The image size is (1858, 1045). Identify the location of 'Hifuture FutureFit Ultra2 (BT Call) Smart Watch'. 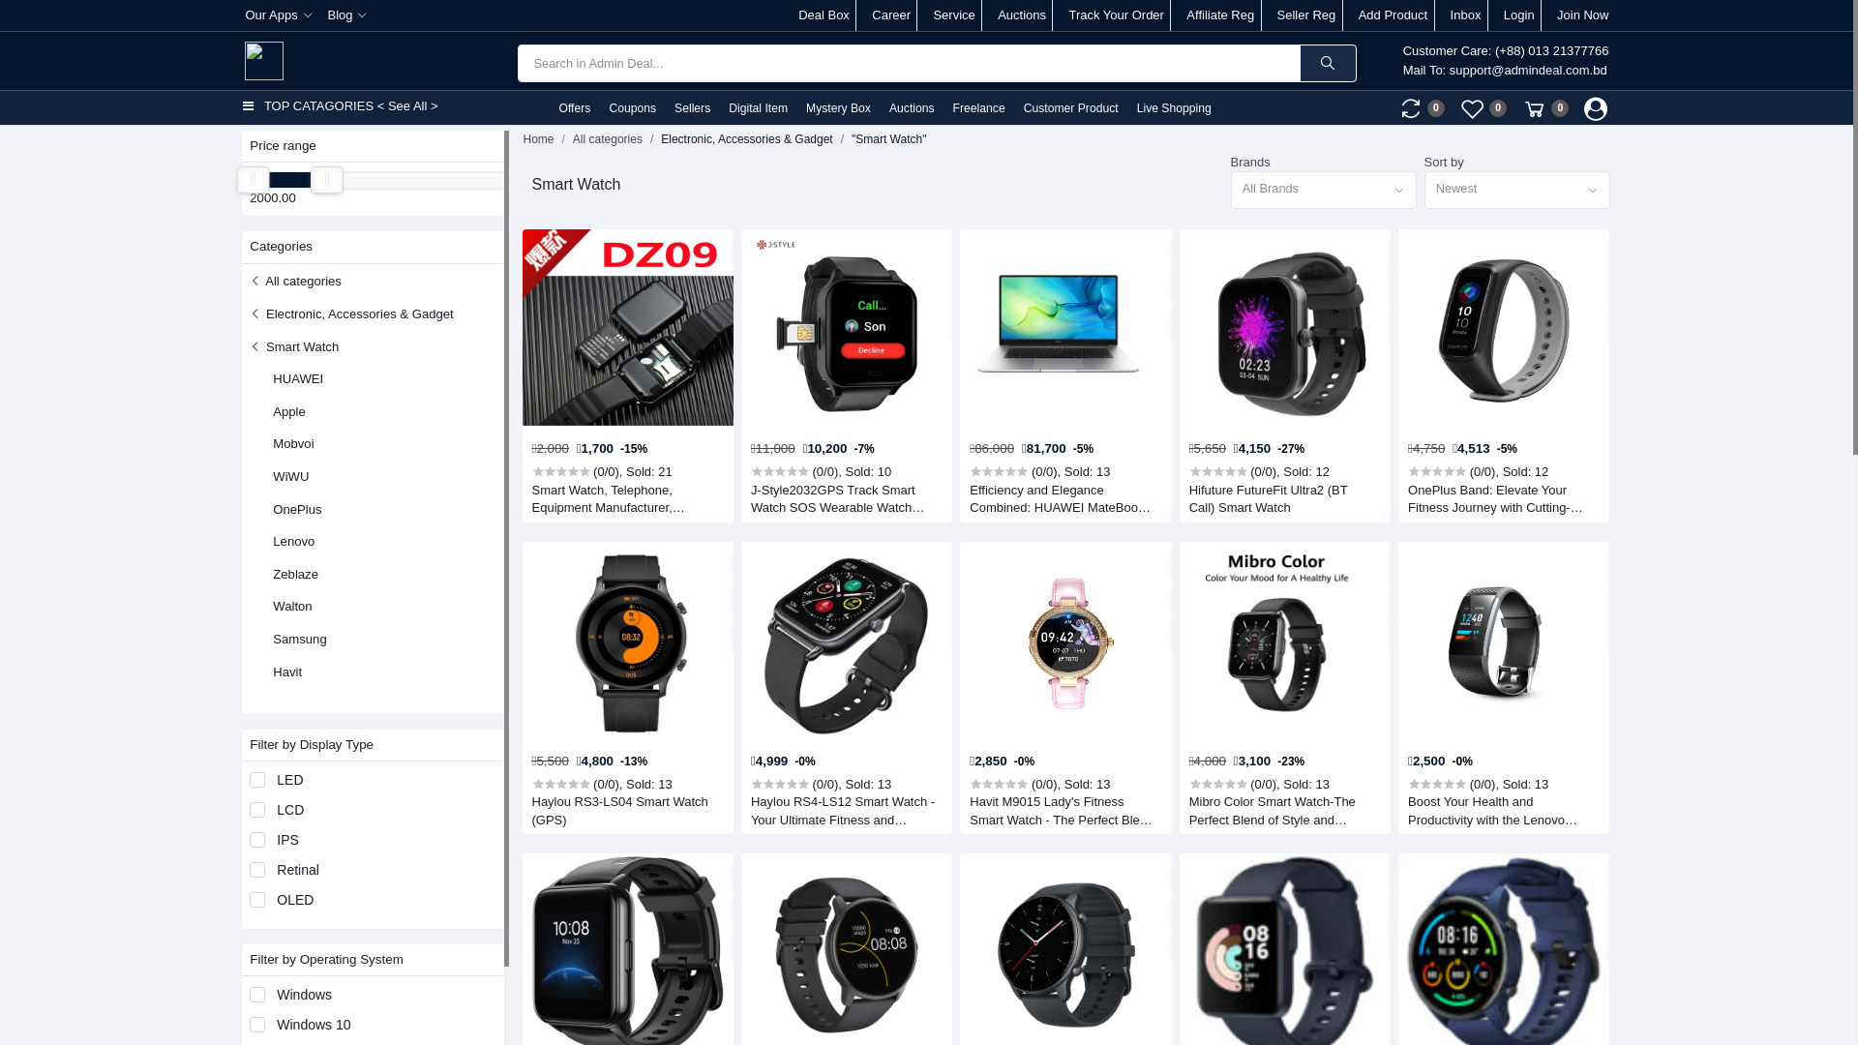
(1281, 498).